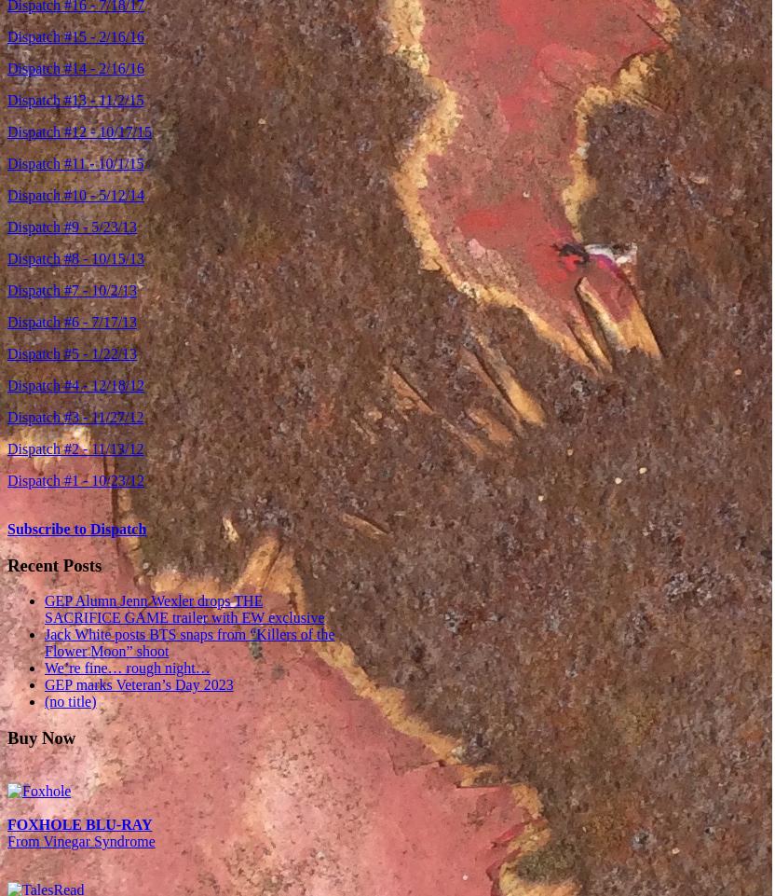 The width and height of the screenshot is (775, 896). What do you see at coordinates (78, 130) in the screenshot?
I see `'Dispatch #12 - 10/17/15'` at bounding box center [78, 130].